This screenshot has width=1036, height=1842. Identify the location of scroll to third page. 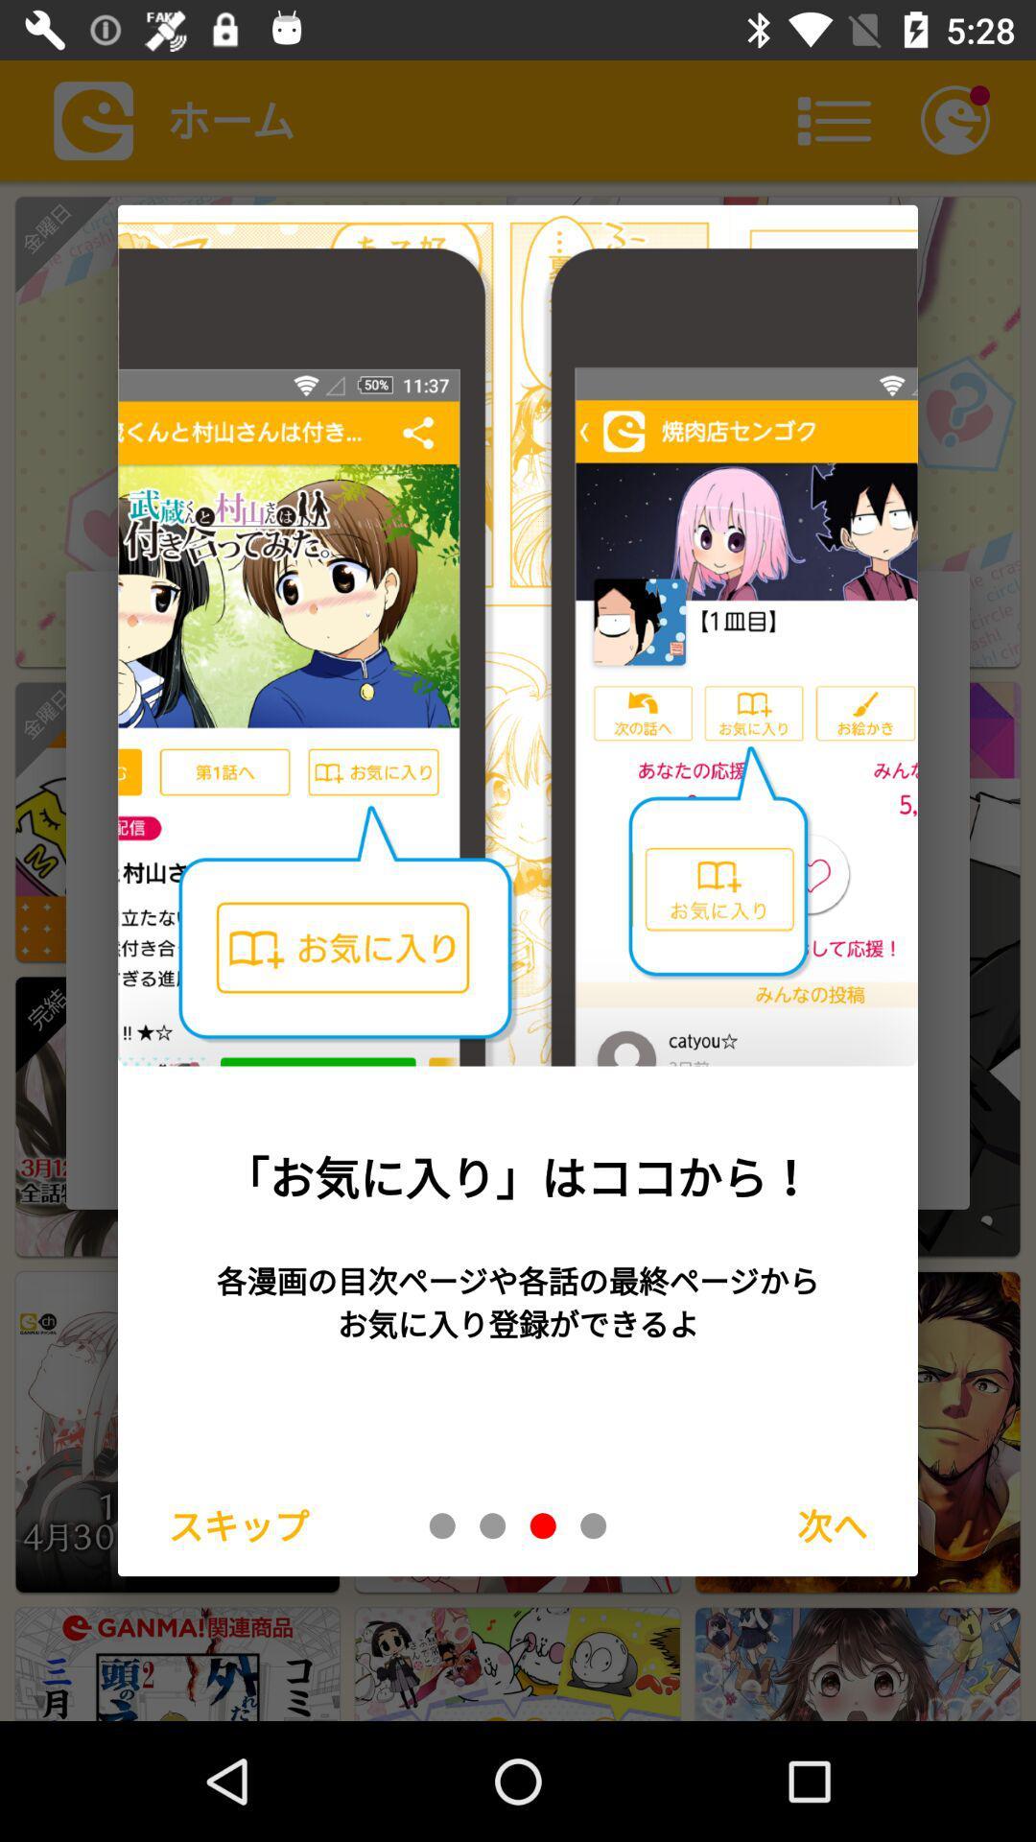
(543, 1524).